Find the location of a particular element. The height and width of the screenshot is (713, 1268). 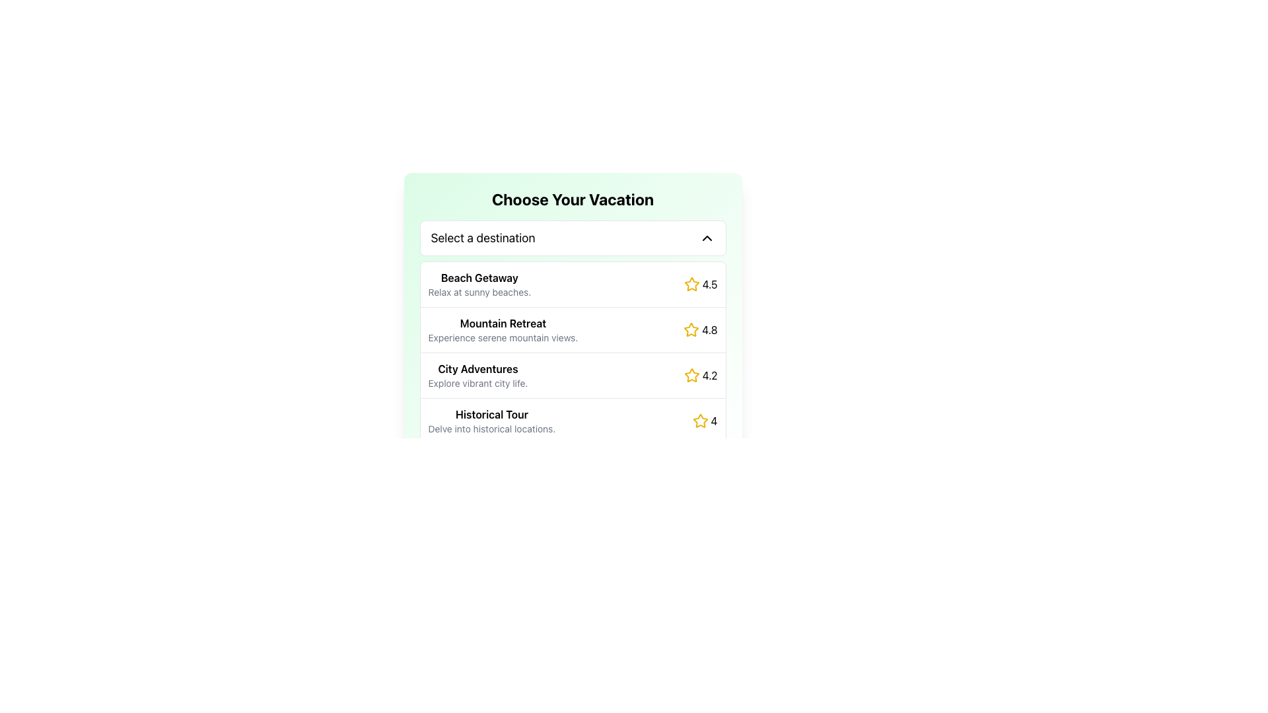

the text label that serves as the title for the vacation option, located under the header 'Choose Your Vacation.' is located at coordinates (479, 277).